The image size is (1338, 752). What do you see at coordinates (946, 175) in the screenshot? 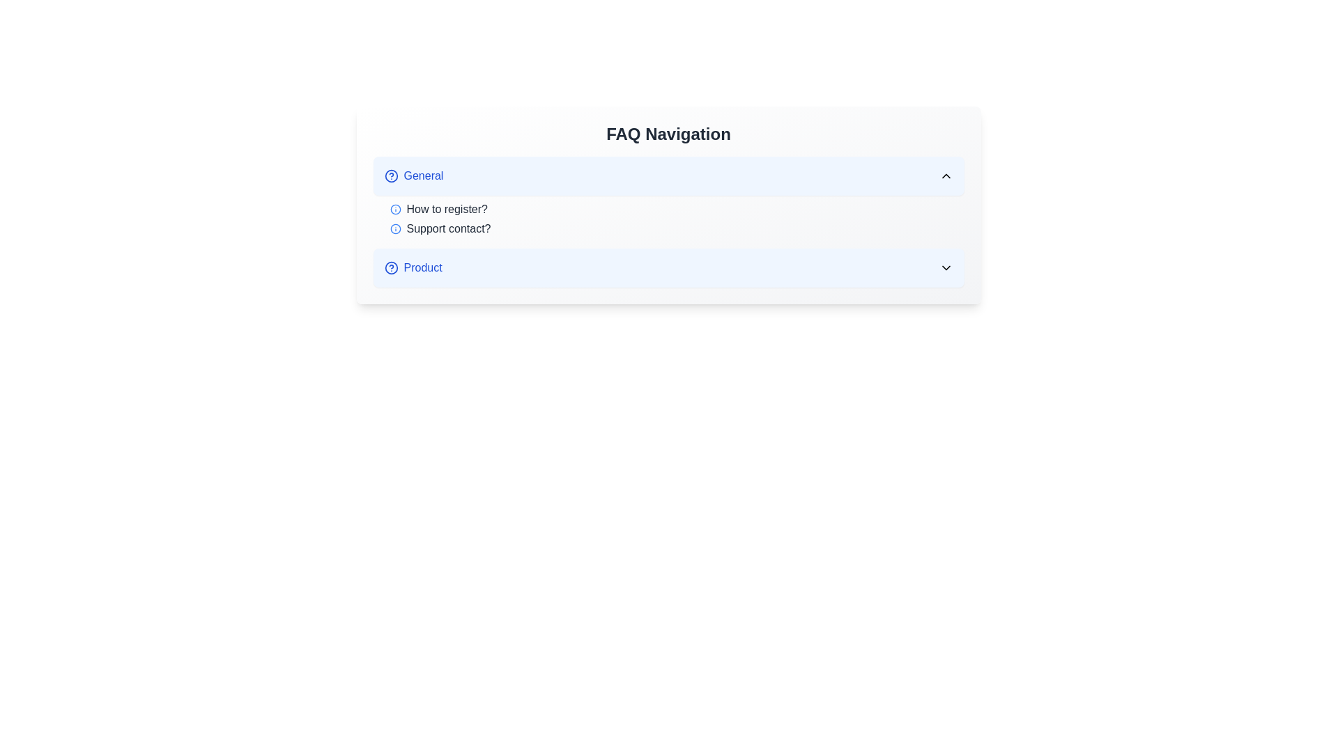
I see `the upward-pointing chevron icon (Toggle Icon) located at the far right of the 'General' section in the FAQ navigation panel` at bounding box center [946, 175].